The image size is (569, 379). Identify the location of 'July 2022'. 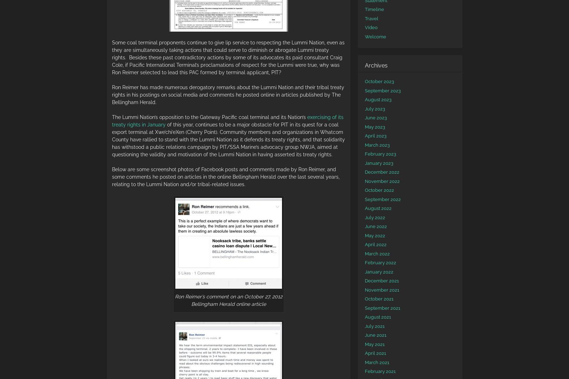
(375, 217).